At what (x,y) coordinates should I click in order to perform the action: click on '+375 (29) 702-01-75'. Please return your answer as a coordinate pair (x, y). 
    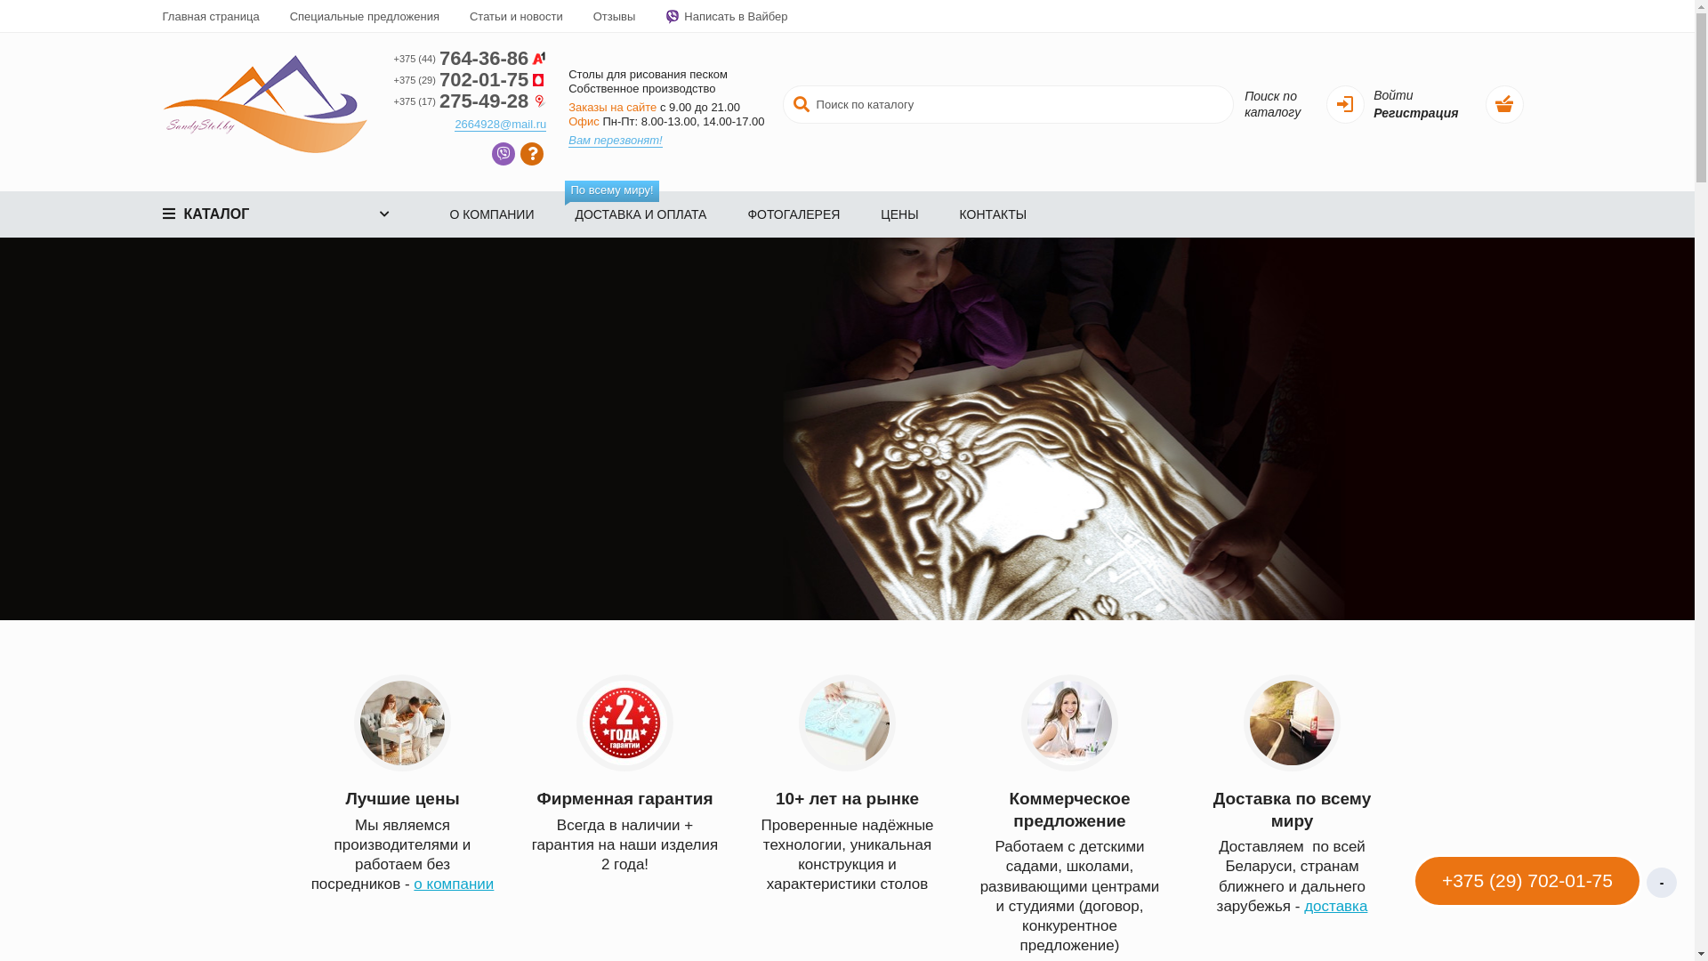
    Looking at the image, I should click on (1412, 882).